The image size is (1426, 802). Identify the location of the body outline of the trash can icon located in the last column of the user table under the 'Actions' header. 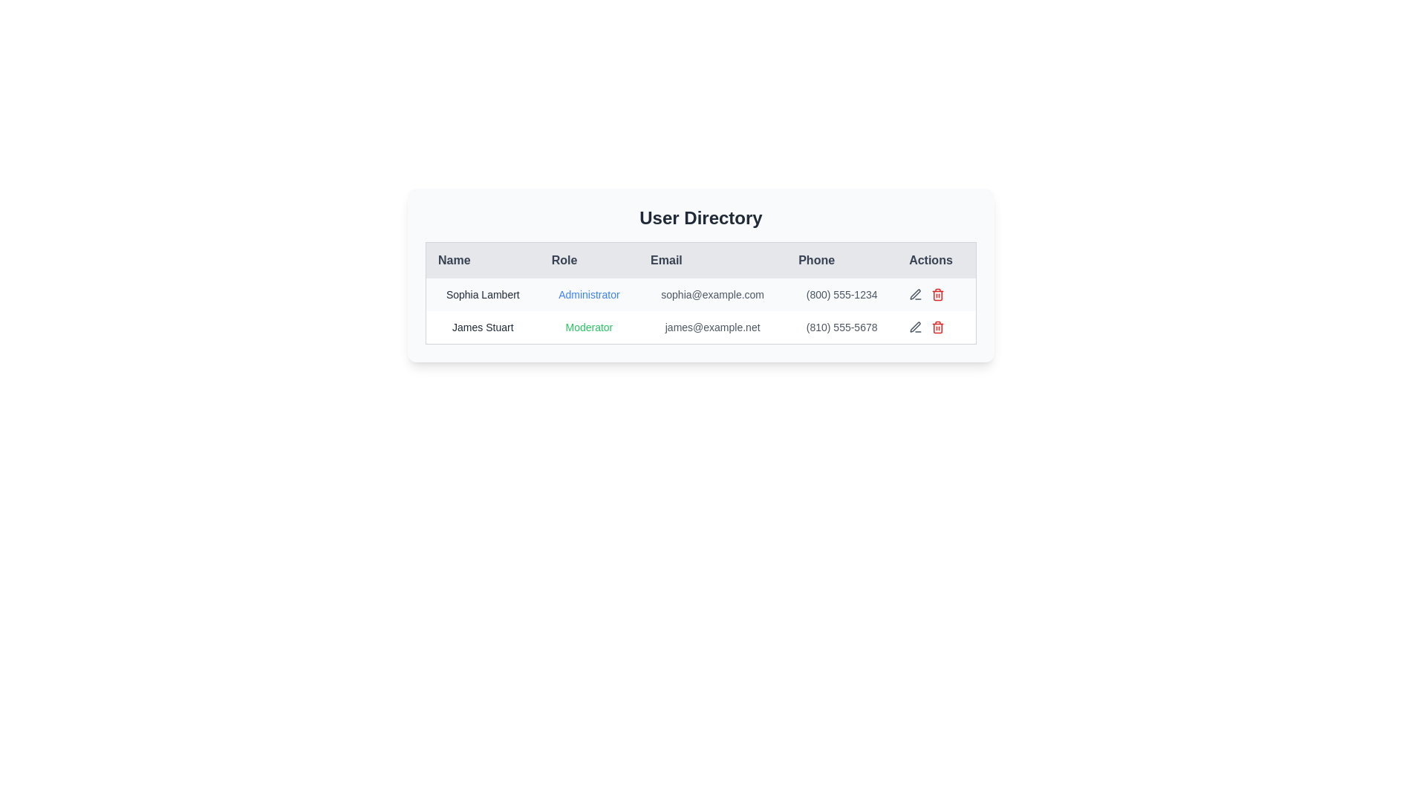
(937, 327).